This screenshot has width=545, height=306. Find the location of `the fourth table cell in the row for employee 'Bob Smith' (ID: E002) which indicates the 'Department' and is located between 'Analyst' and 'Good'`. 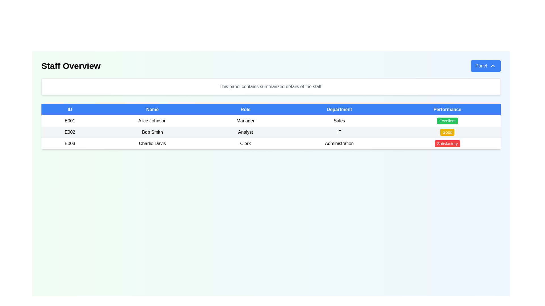

the fourth table cell in the row for employee 'Bob Smith' (ID: E002) which indicates the 'Department' and is located between 'Analyst' and 'Good' is located at coordinates (339, 132).